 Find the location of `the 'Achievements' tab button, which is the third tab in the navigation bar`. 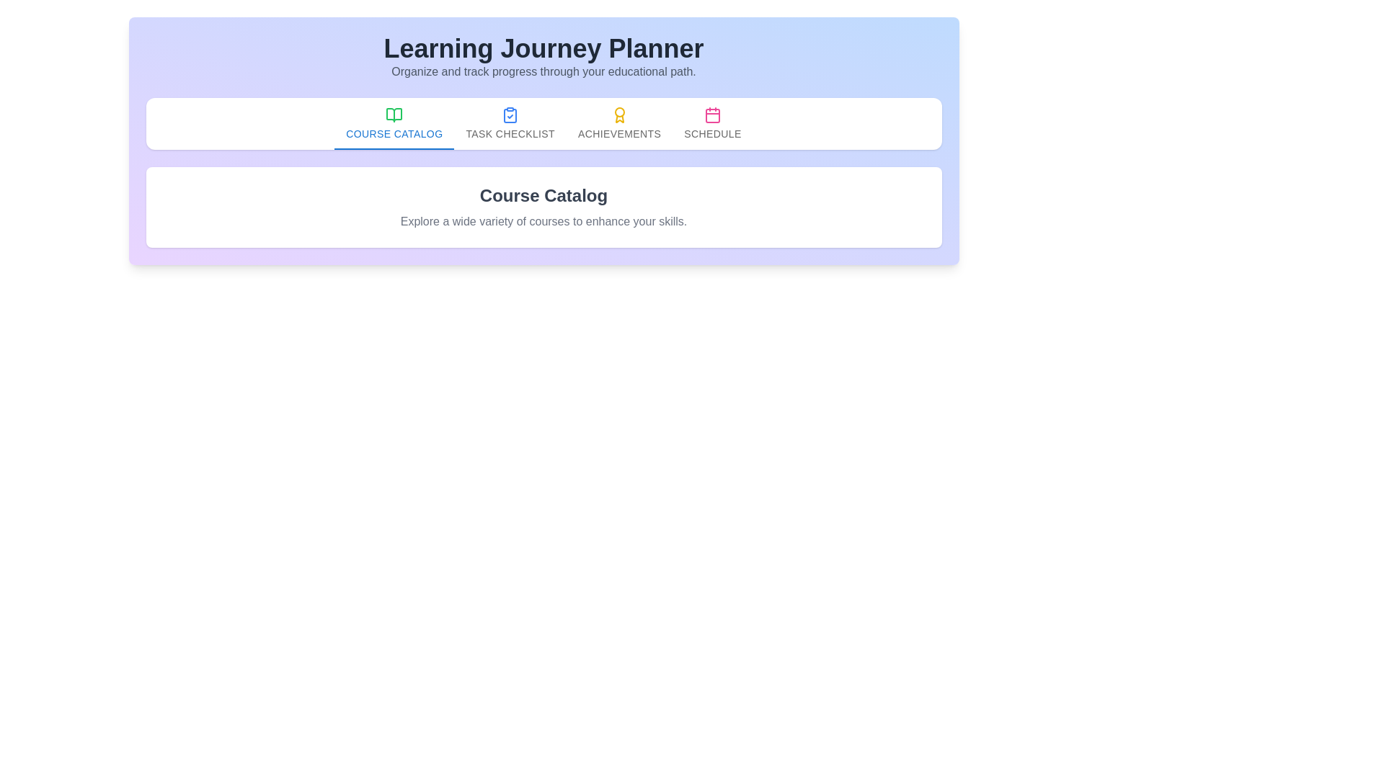

the 'Achievements' tab button, which is the third tab in the navigation bar is located at coordinates (619, 123).